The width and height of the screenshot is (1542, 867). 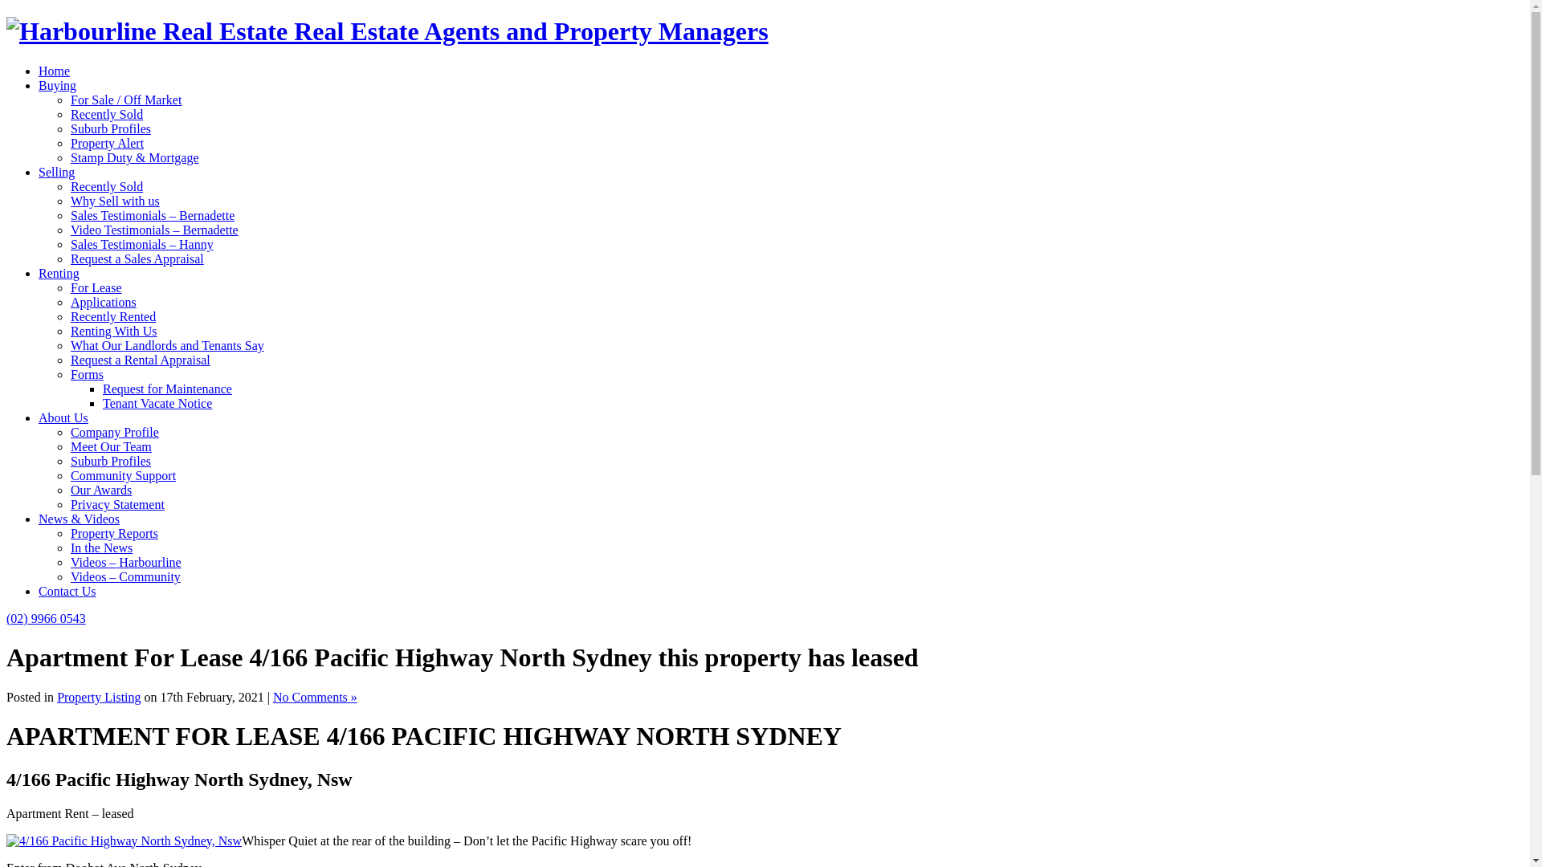 What do you see at coordinates (69, 474) in the screenshot?
I see `'Community Support'` at bounding box center [69, 474].